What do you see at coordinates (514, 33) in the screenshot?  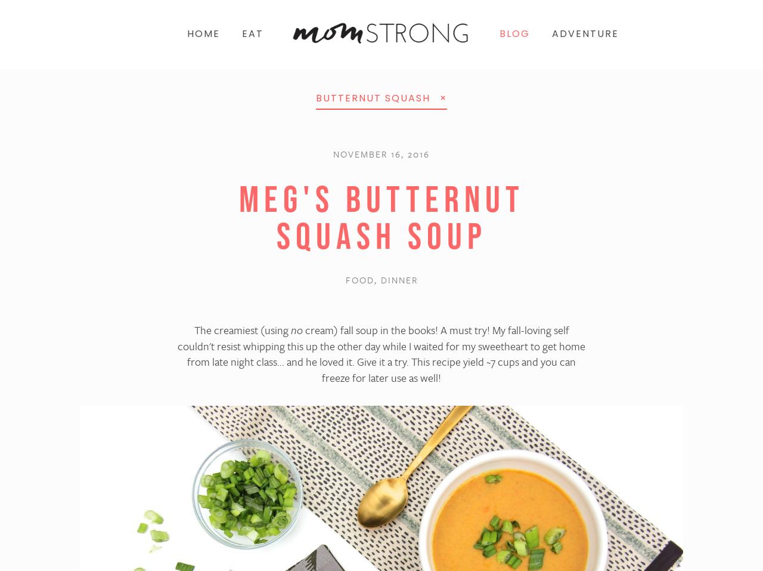 I see `'BLOG'` at bounding box center [514, 33].